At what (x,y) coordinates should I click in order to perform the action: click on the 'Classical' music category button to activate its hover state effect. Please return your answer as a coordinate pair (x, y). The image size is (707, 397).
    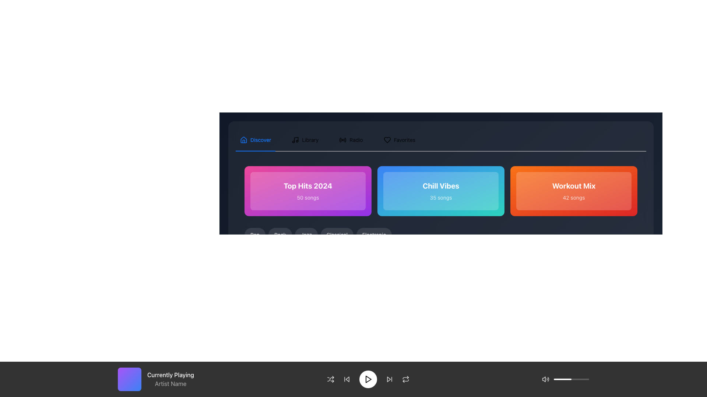
    Looking at the image, I should click on (337, 235).